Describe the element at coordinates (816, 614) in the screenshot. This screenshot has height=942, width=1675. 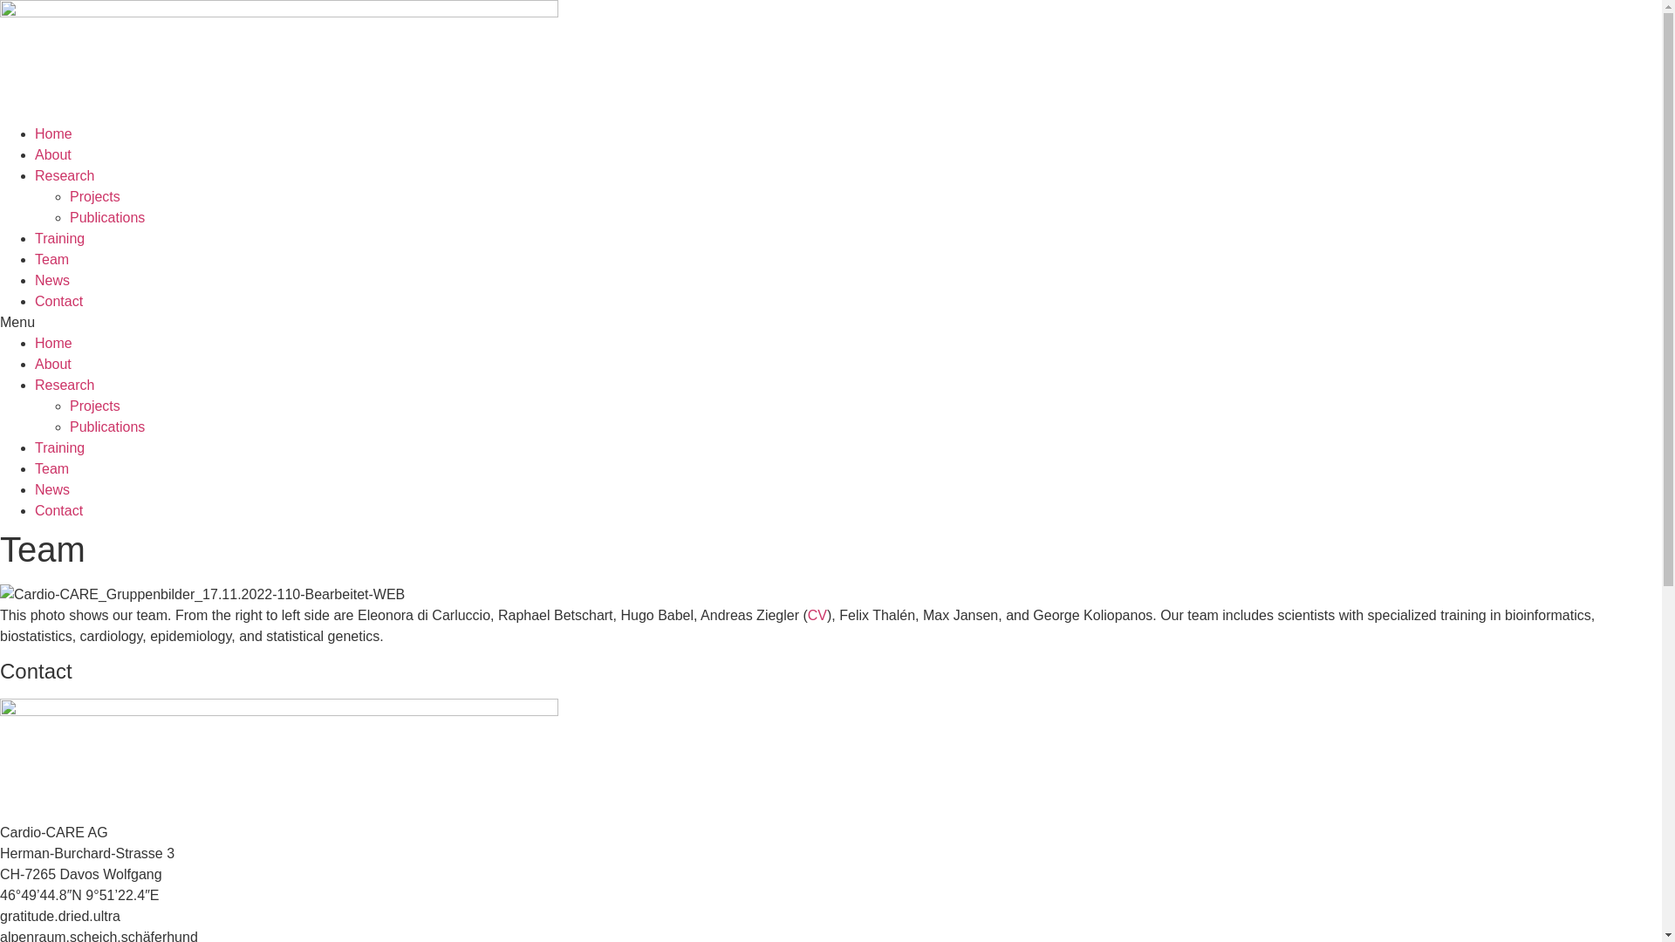
I see `'CV'` at that location.